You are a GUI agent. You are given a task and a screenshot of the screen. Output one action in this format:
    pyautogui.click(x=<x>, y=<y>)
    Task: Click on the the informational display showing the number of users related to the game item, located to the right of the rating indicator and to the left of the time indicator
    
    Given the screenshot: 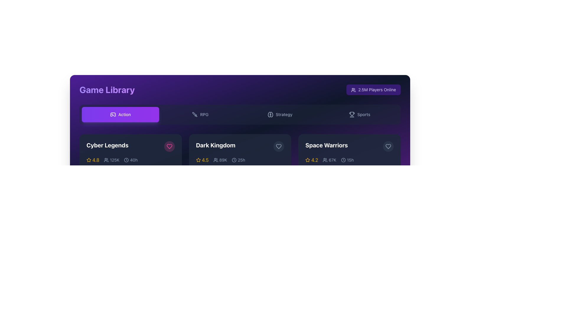 What is the action you would take?
    pyautogui.click(x=112, y=160)
    